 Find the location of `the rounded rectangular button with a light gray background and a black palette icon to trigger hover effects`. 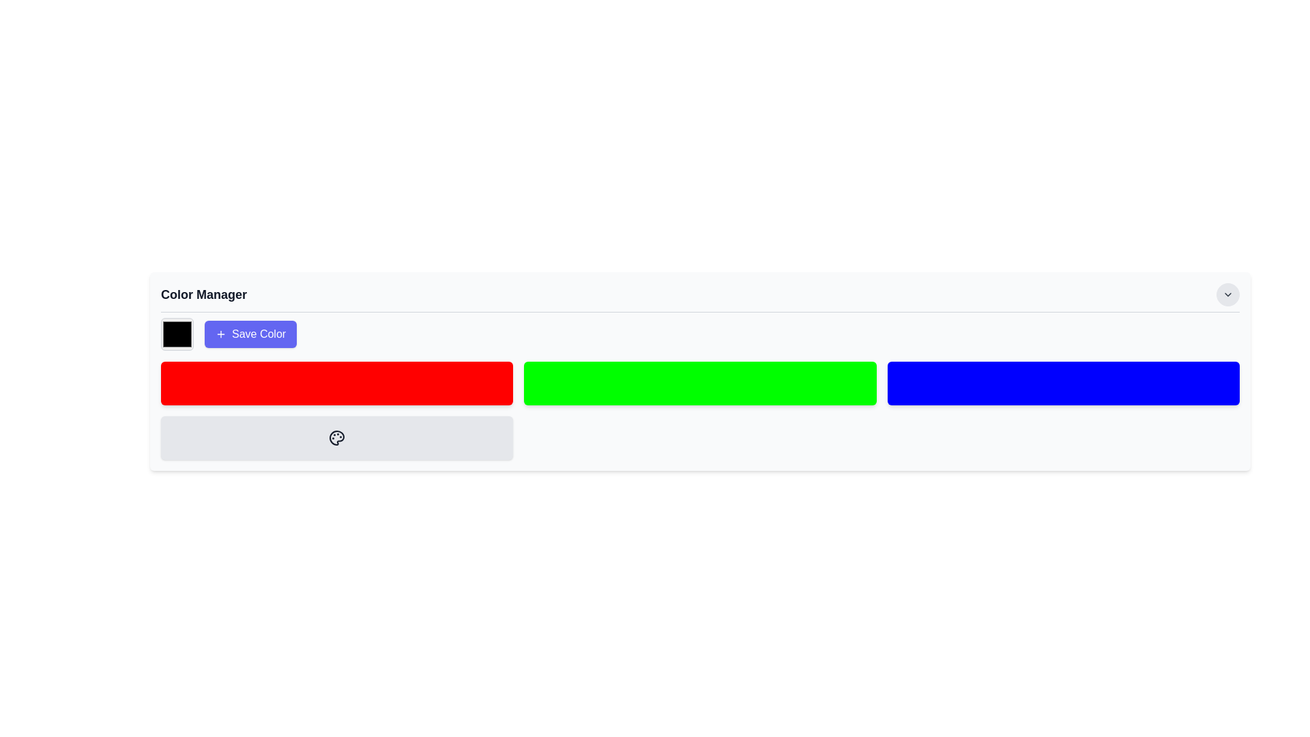

the rounded rectangular button with a light gray background and a black palette icon to trigger hover effects is located at coordinates (337, 437).